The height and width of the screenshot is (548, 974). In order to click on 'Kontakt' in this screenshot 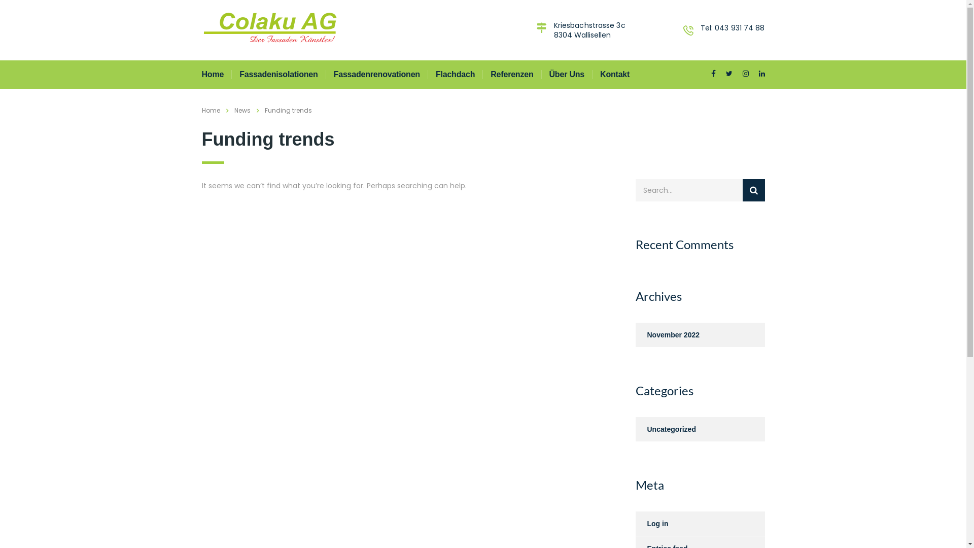, I will do `click(592, 74)`.